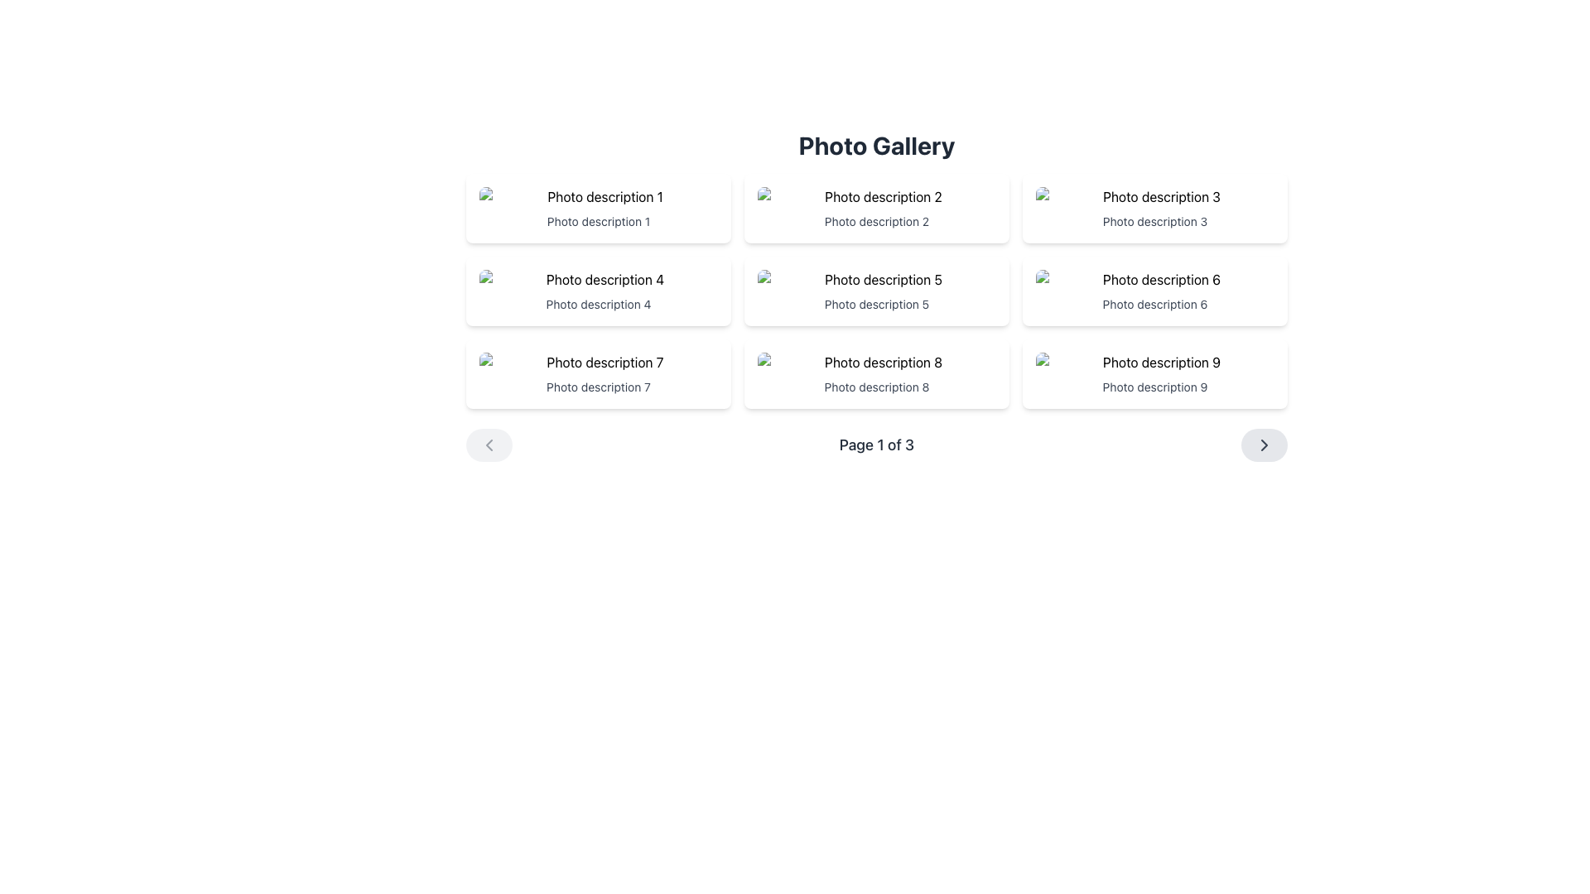 The height and width of the screenshot is (894, 1590). What do you see at coordinates (876, 362) in the screenshot?
I see `the image thumbnail located in the bottom row, middle column of the photo gallery` at bounding box center [876, 362].